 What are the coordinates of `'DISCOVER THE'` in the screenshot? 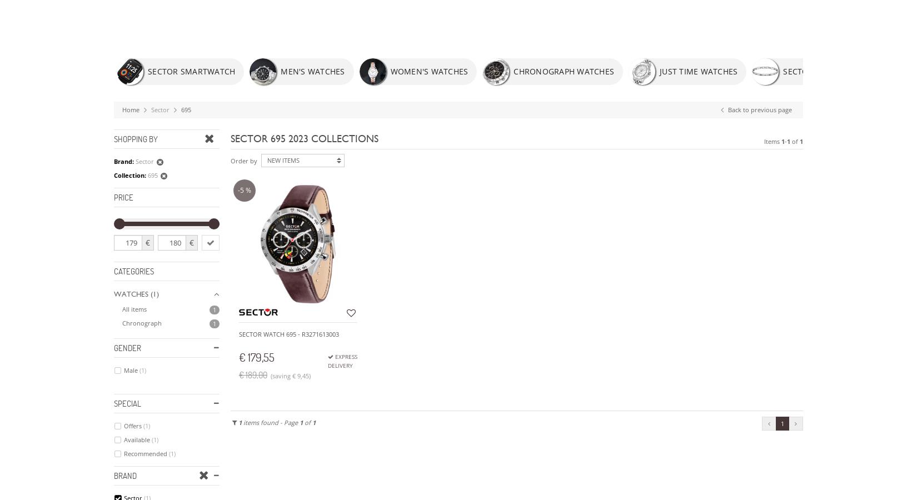 It's located at (166, 371).